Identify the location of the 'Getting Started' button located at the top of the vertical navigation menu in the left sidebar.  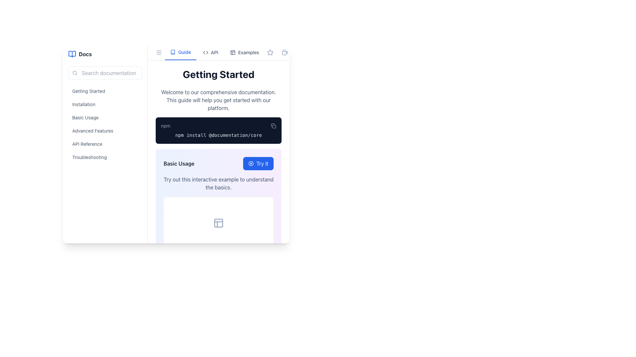
(105, 91).